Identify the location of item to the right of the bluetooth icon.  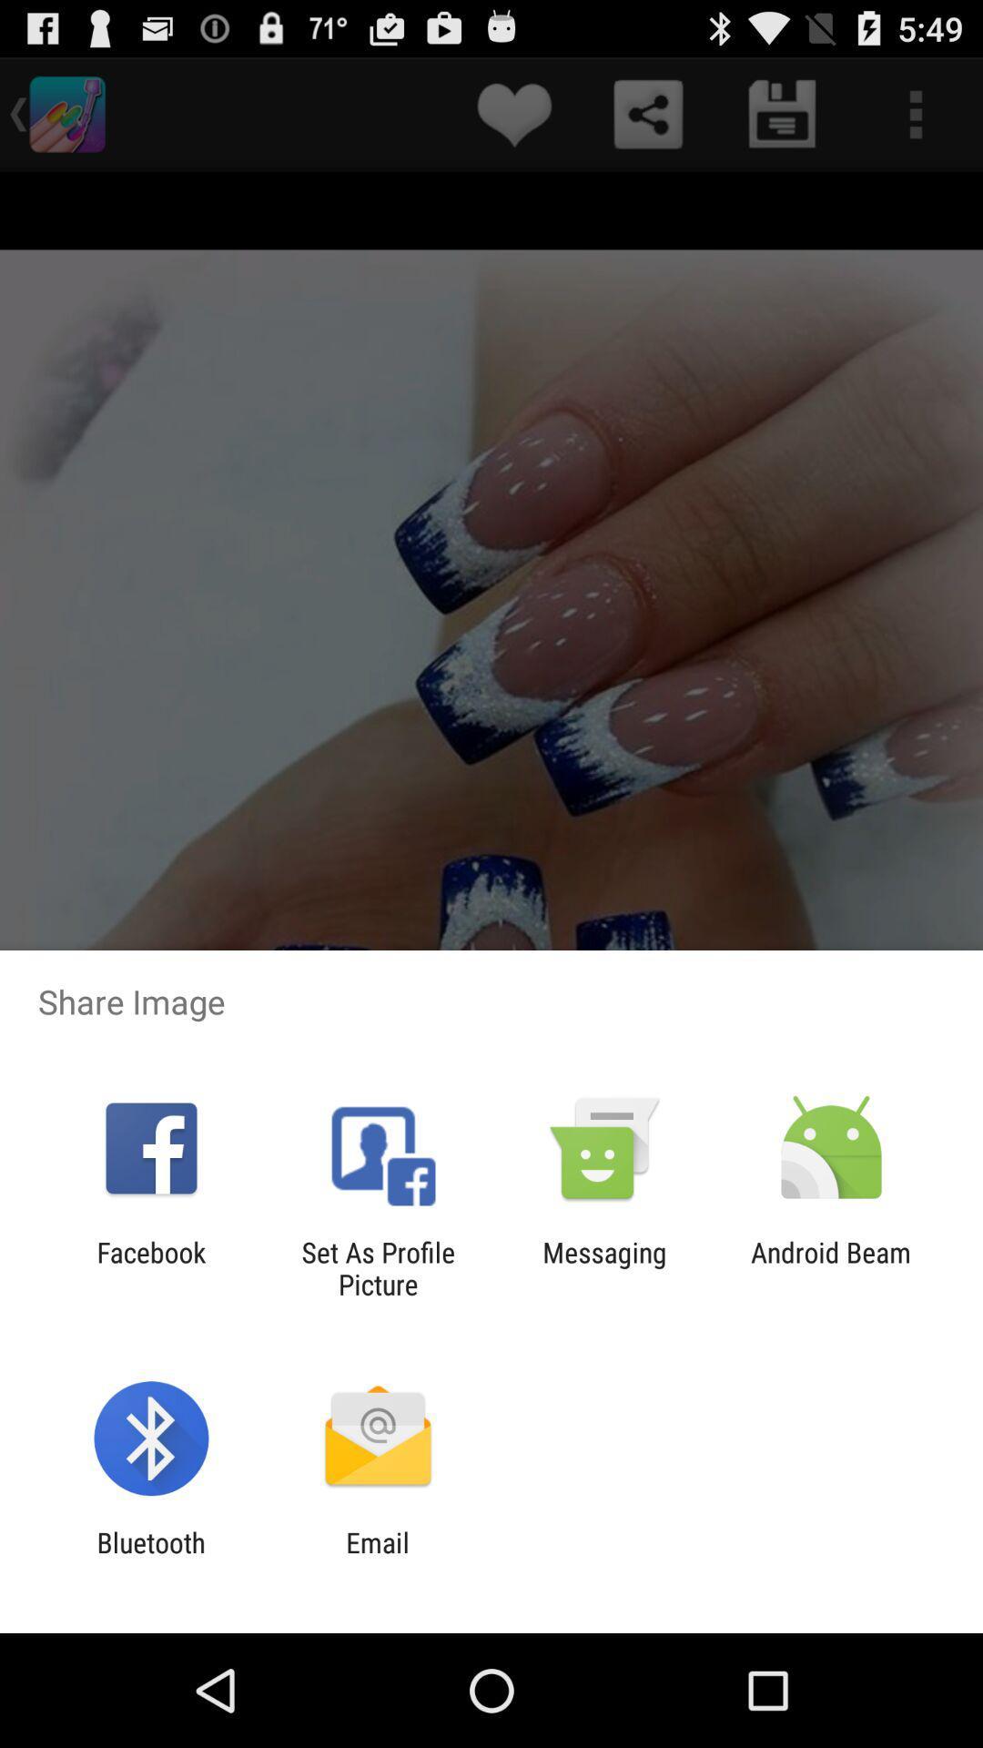
(377, 1558).